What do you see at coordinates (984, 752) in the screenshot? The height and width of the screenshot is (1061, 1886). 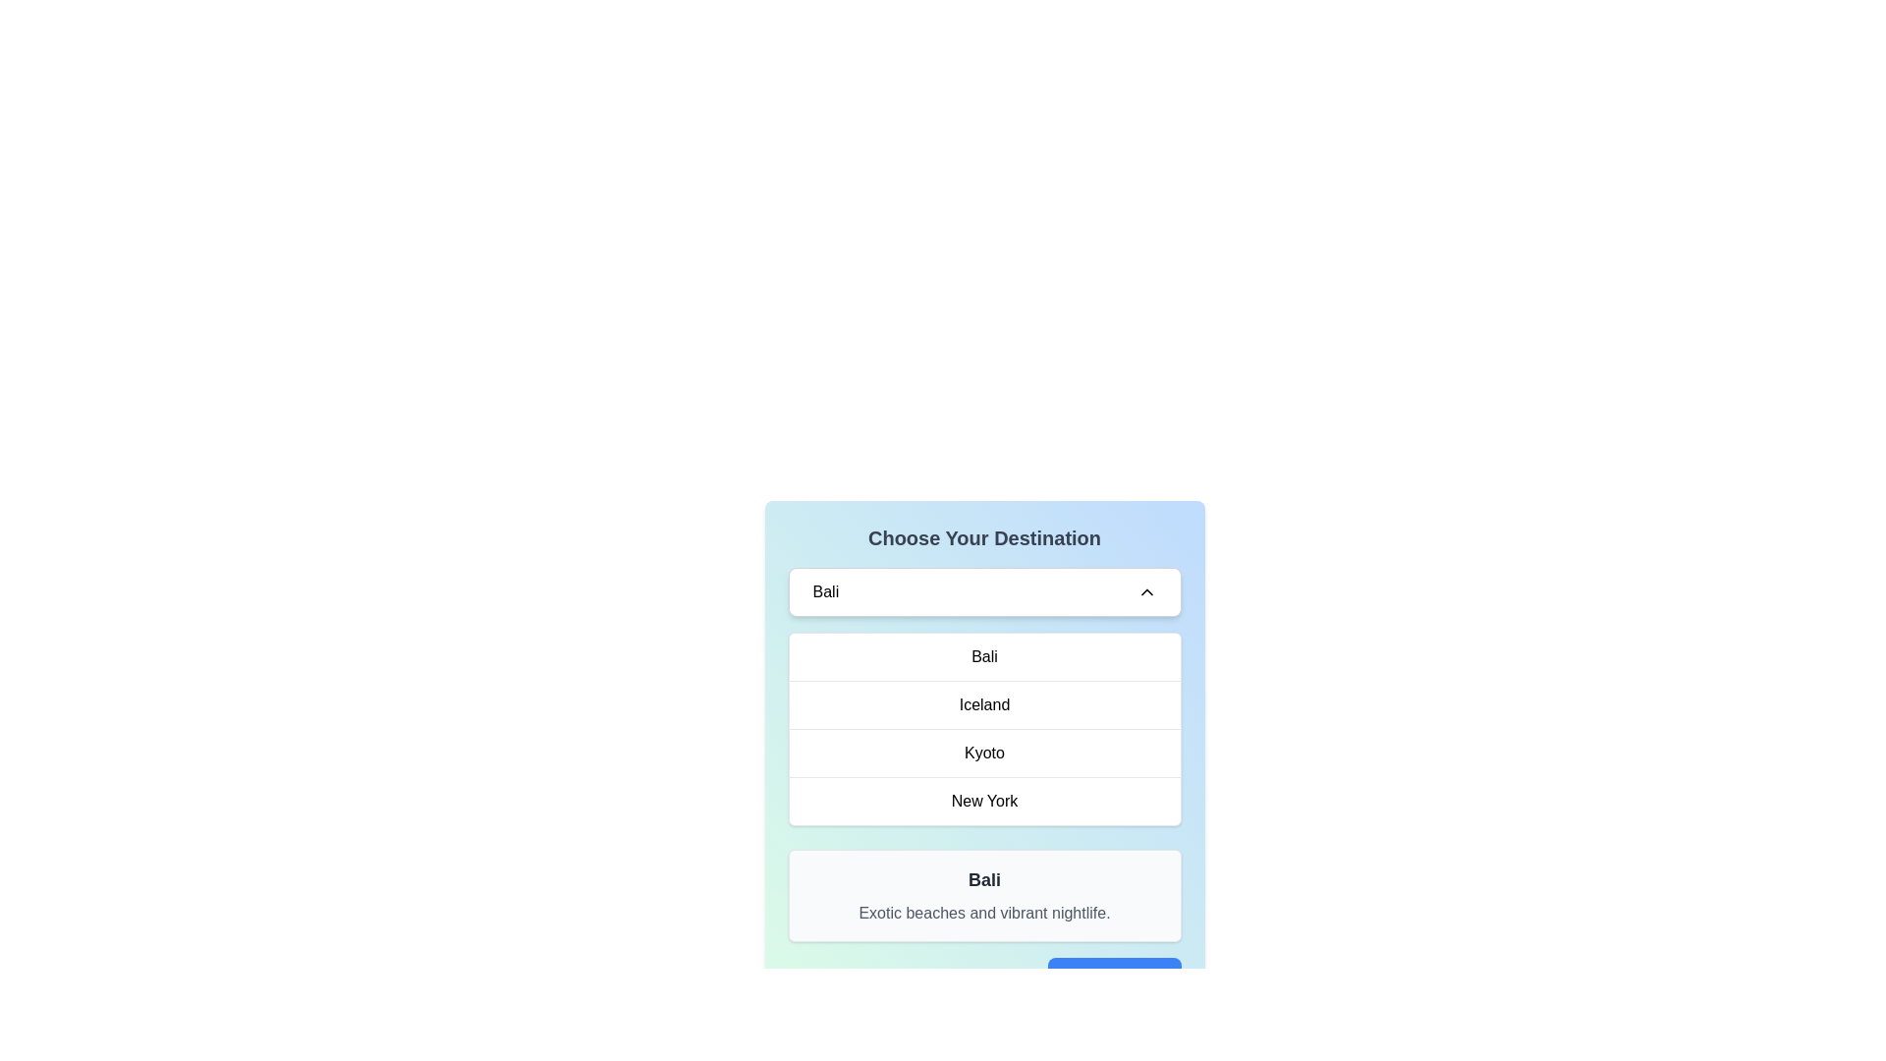 I see `the selectable item displaying 'Kyoto' in the dropdown list` at bounding box center [984, 752].